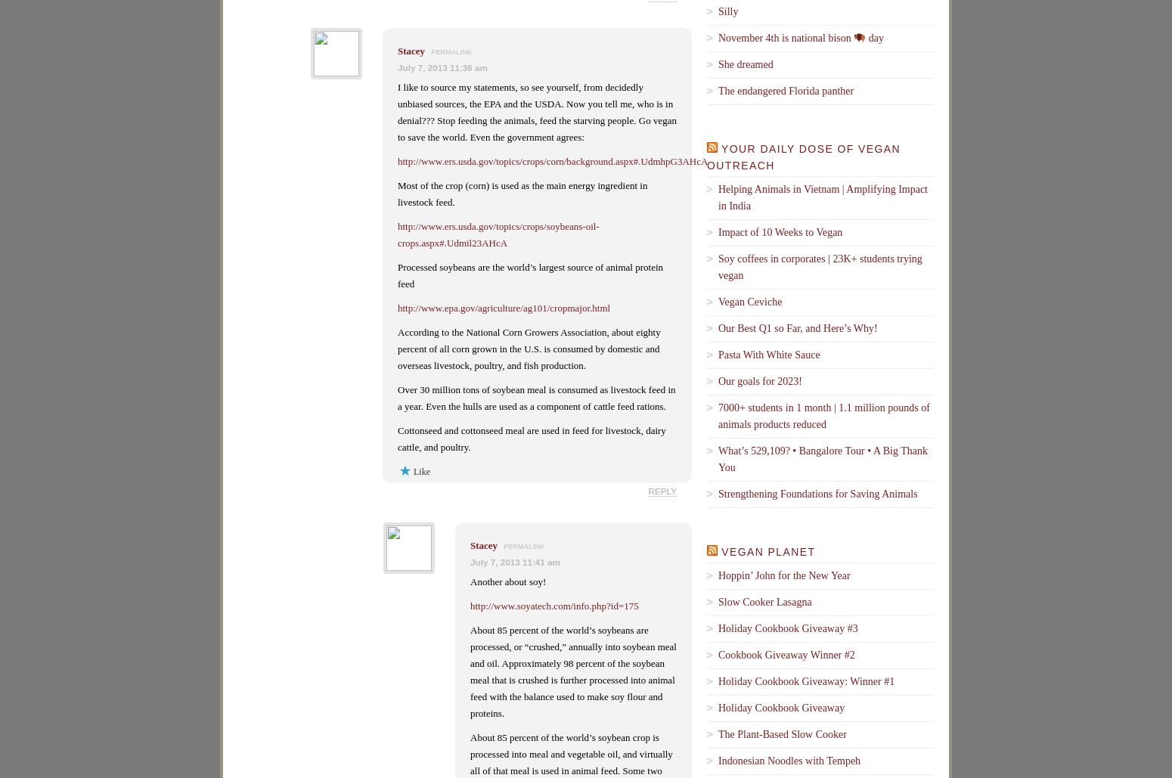 This screenshot has height=778, width=1172. Describe the element at coordinates (662, 491) in the screenshot. I see `'Reply'` at that location.